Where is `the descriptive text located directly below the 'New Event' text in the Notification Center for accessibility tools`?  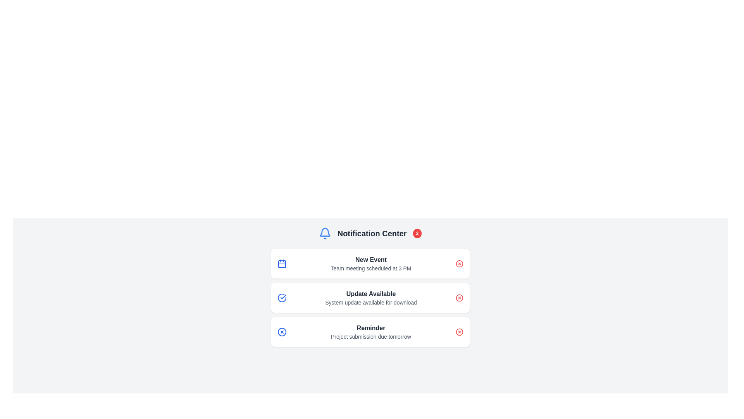
the descriptive text located directly below the 'New Event' text in the Notification Center for accessibility tools is located at coordinates (370, 268).